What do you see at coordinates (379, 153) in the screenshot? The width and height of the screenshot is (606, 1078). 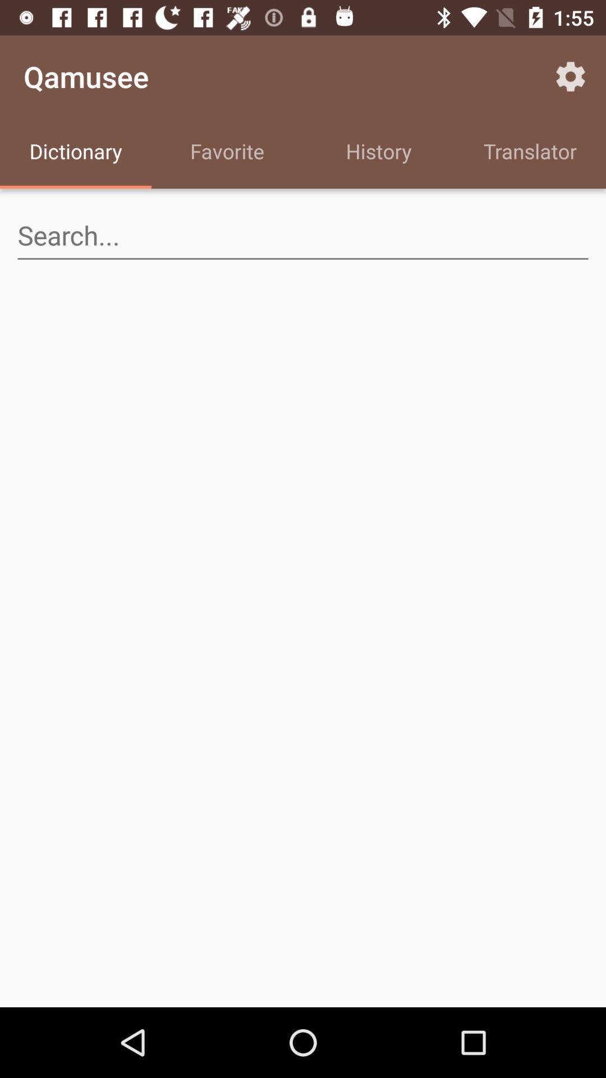 I see `history` at bounding box center [379, 153].